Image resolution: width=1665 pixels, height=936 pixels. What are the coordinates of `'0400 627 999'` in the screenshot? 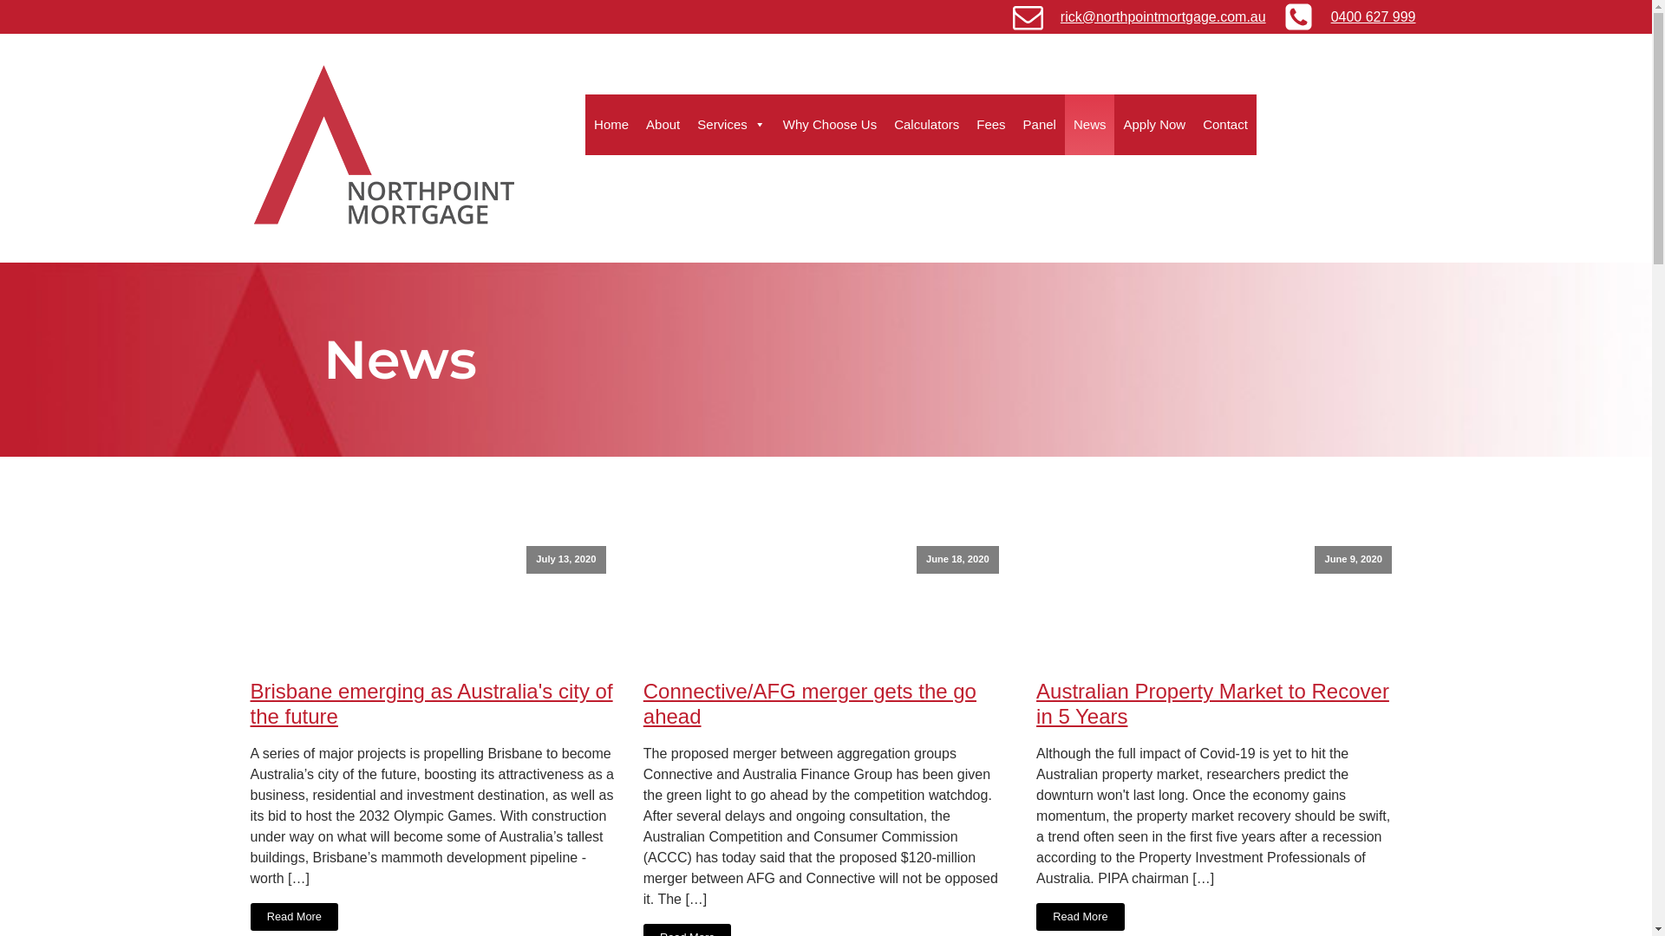 It's located at (1373, 16).